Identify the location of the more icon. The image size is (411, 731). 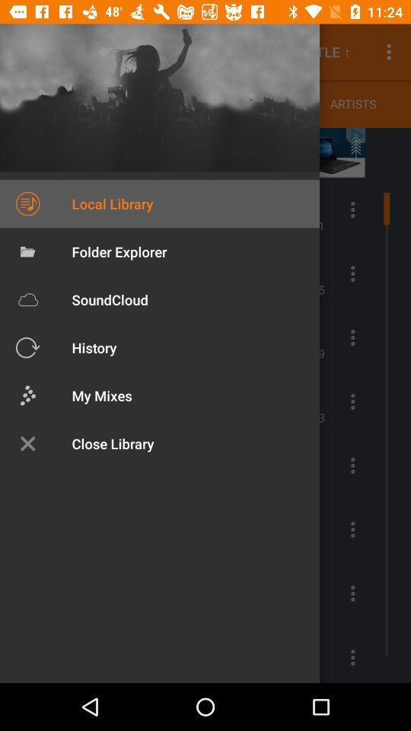
(352, 529).